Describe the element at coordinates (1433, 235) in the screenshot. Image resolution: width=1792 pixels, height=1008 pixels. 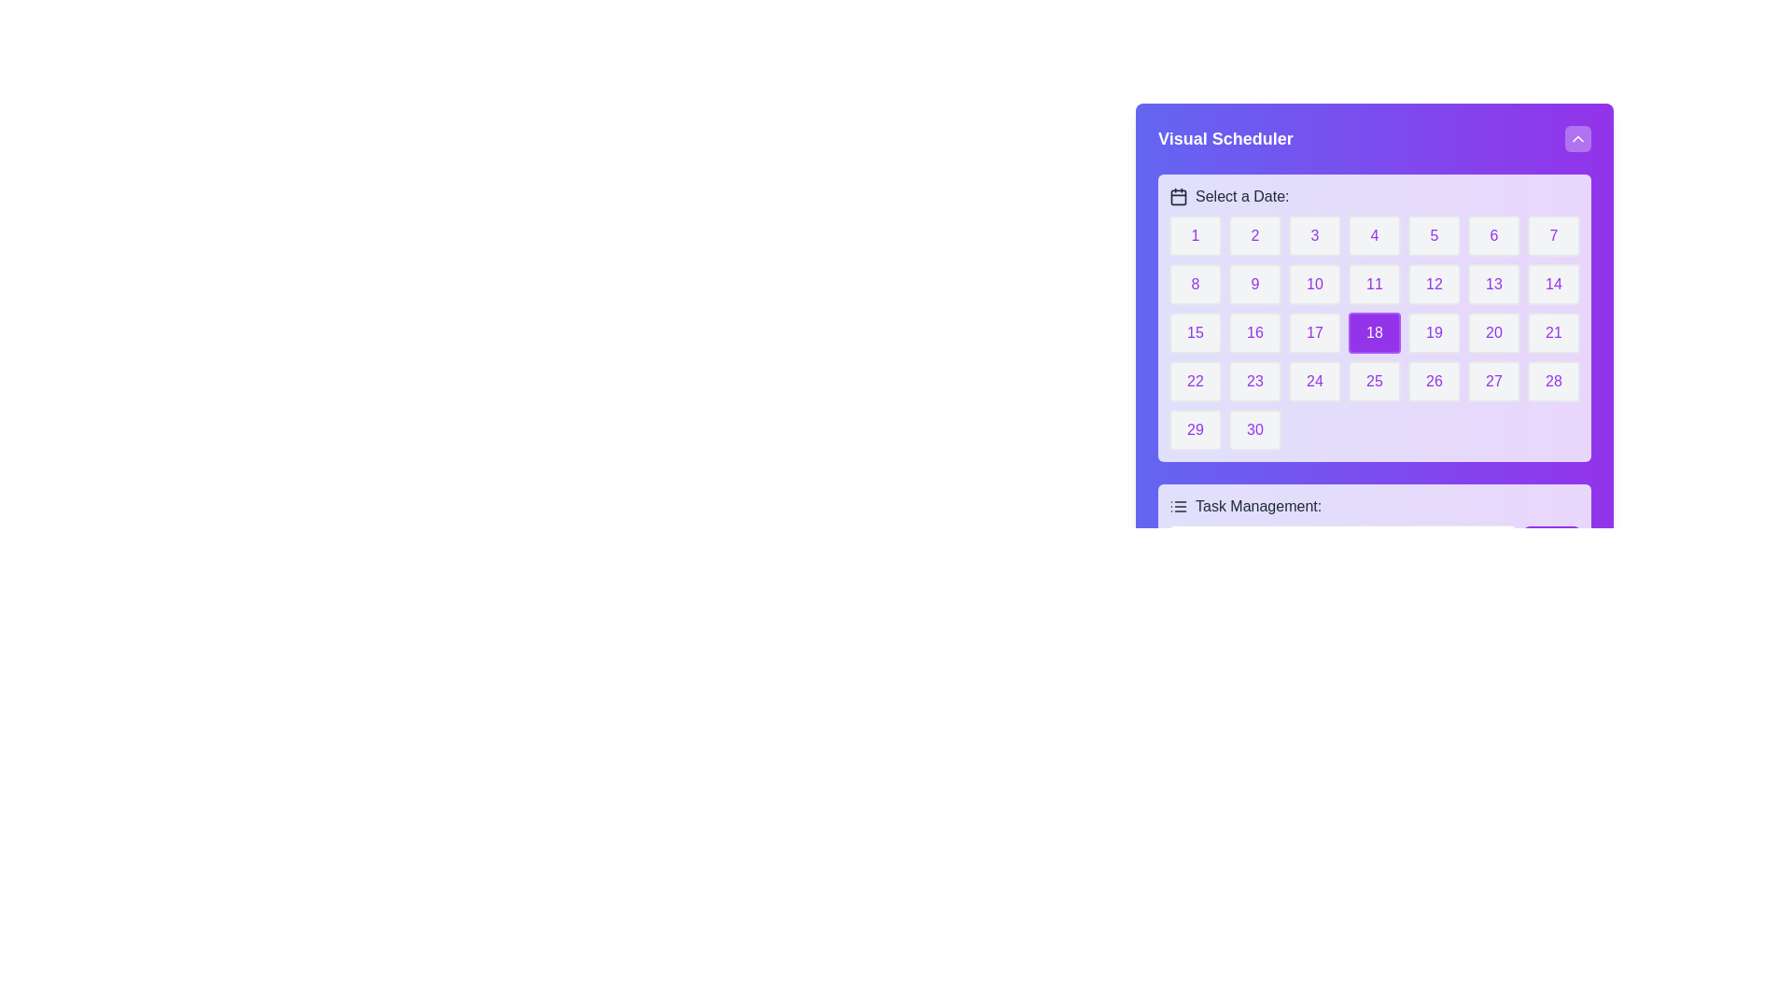
I see `the rounded rectangular button with a light gray background and a purple '5' in the center, which represents a date in the Visual Scheduler calendar grid` at that location.